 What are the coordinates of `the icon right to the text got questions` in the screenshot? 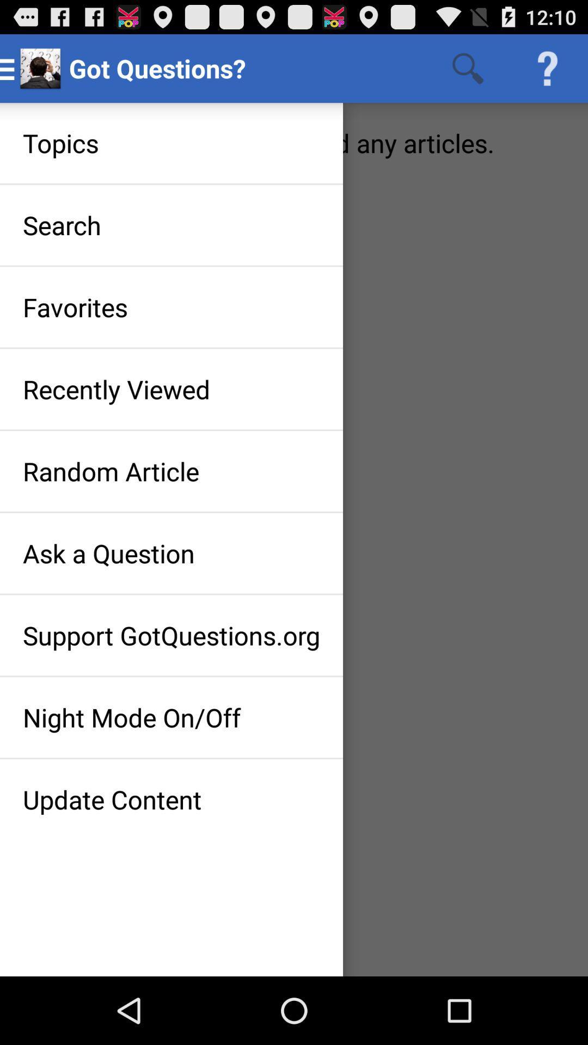 It's located at (467, 67).